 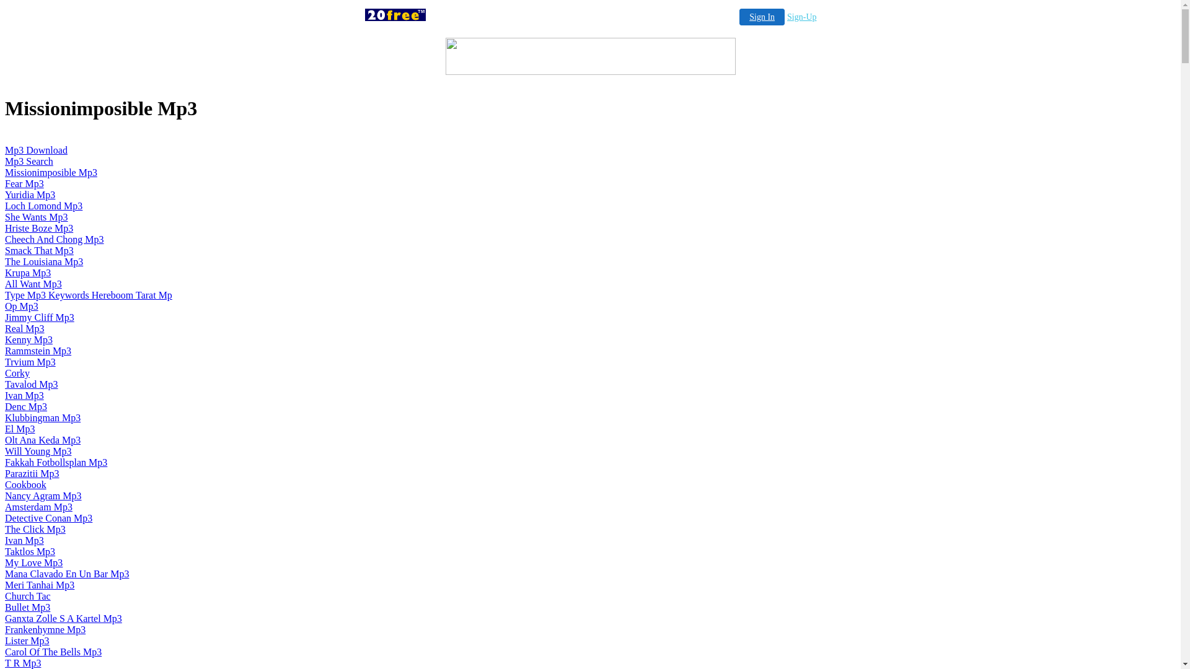 What do you see at coordinates (53, 651) in the screenshot?
I see `'Carol Of The Bells Mp3'` at bounding box center [53, 651].